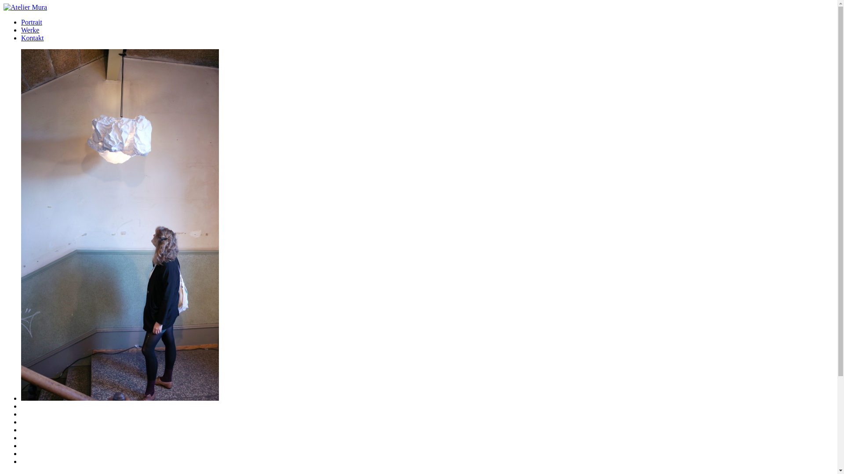  What do you see at coordinates (32, 22) in the screenshot?
I see `'Portrait'` at bounding box center [32, 22].